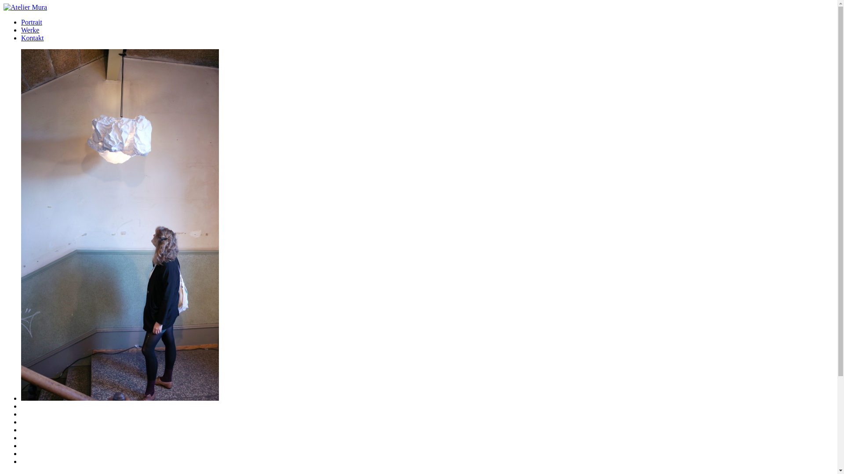  What do you see at coordinates (32, 22) in the screenshot?
I see `'Portrait'` at bounding box center [32, 22].